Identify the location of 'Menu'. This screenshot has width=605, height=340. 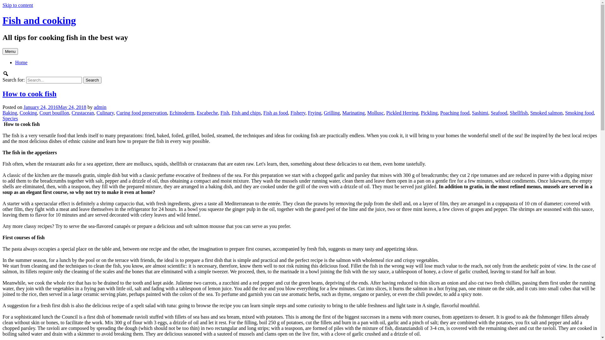
(10, 51).